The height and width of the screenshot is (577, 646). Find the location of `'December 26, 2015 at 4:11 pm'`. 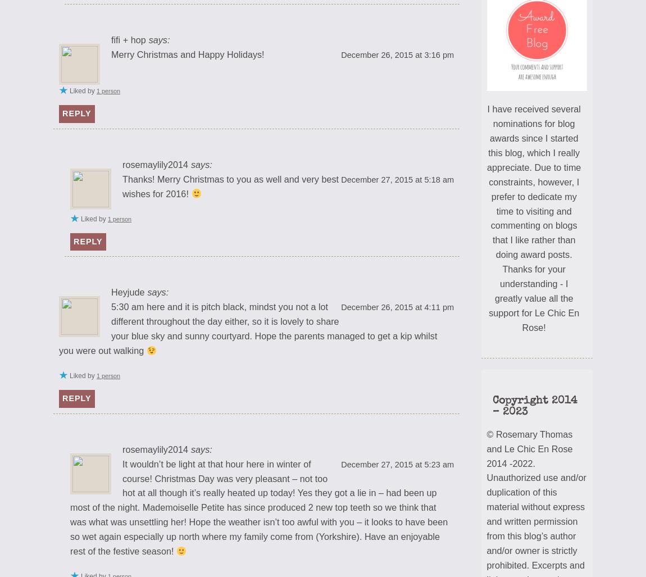

'December 26, 2015 at 4:11 pm' is located at coordinates (397, 306).